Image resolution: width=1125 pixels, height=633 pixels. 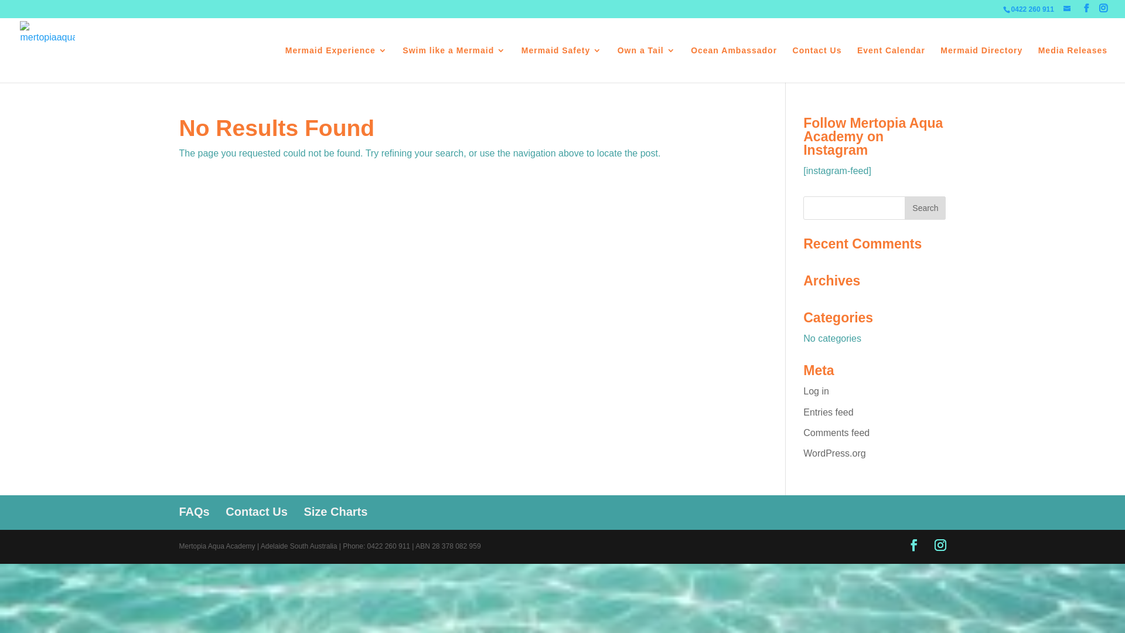 I want to click on 'Event Calendar', so click(x=891, y=64).